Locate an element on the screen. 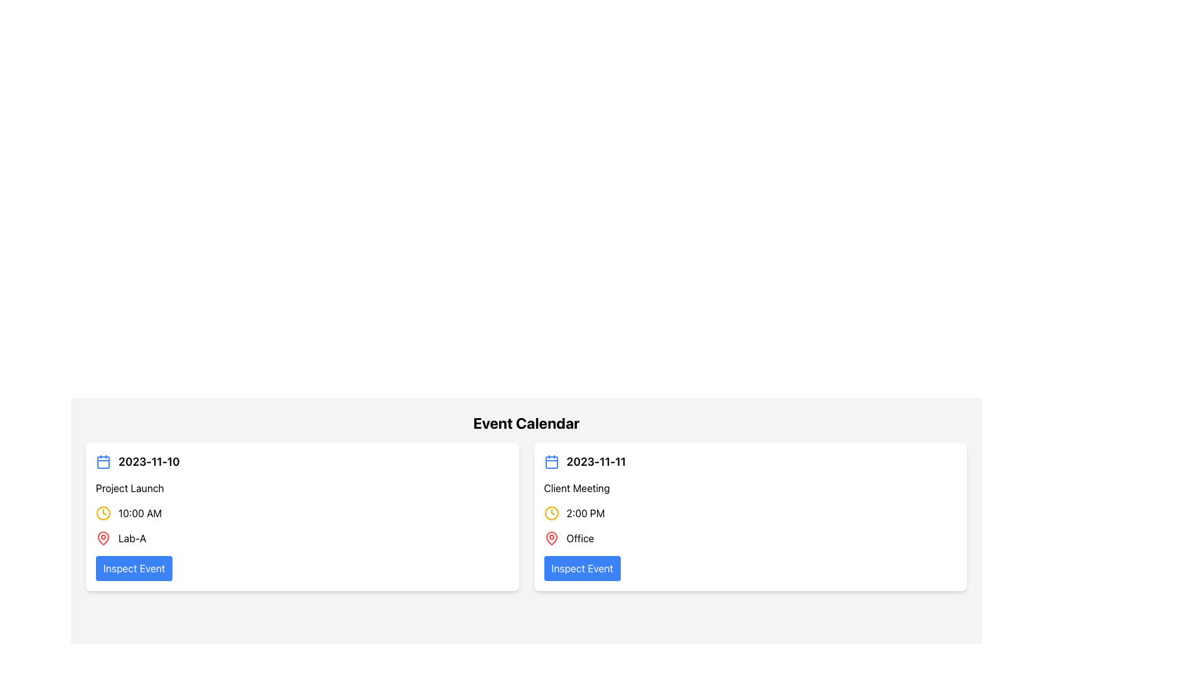 Image resolution: width=1204 pixels, height=677 pixels. the text label displaying 'Client Meeting' in bold black font, which is the second line in the event card for '2023-11-11' is located at coordinates (576, 488).